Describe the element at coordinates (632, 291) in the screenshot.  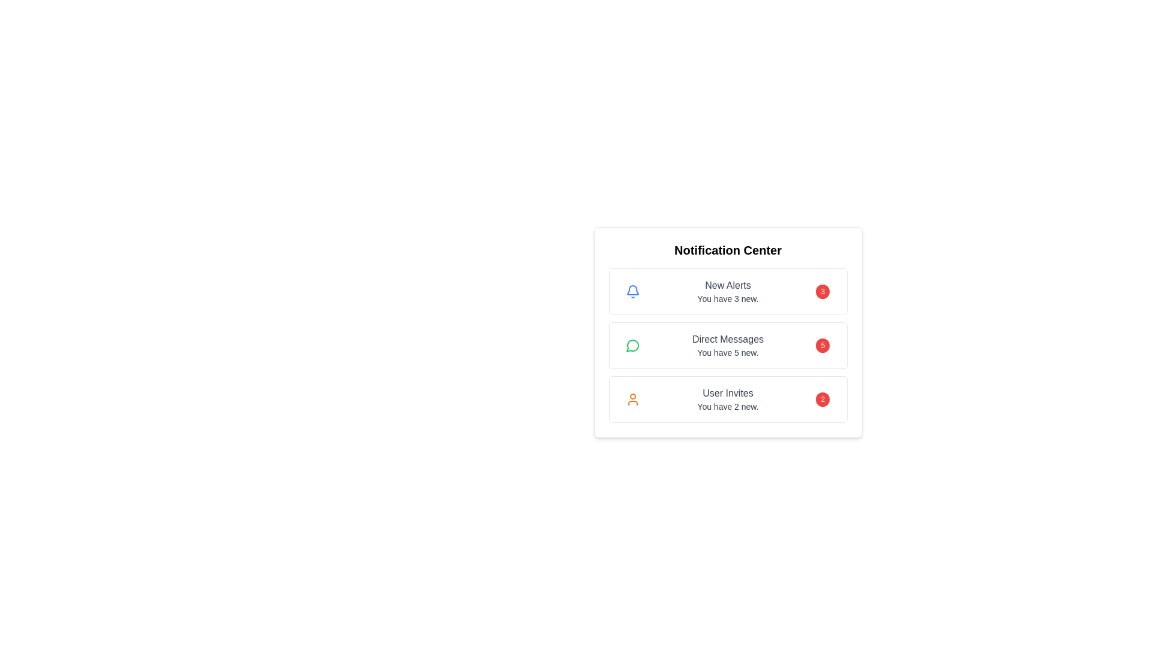
I see `the bell-shaped icon indicating notifications in the top-left corner of the first notification entry in the 'Notification Center' module, which is adjacent to the text label 'New Alerts'` at that location.